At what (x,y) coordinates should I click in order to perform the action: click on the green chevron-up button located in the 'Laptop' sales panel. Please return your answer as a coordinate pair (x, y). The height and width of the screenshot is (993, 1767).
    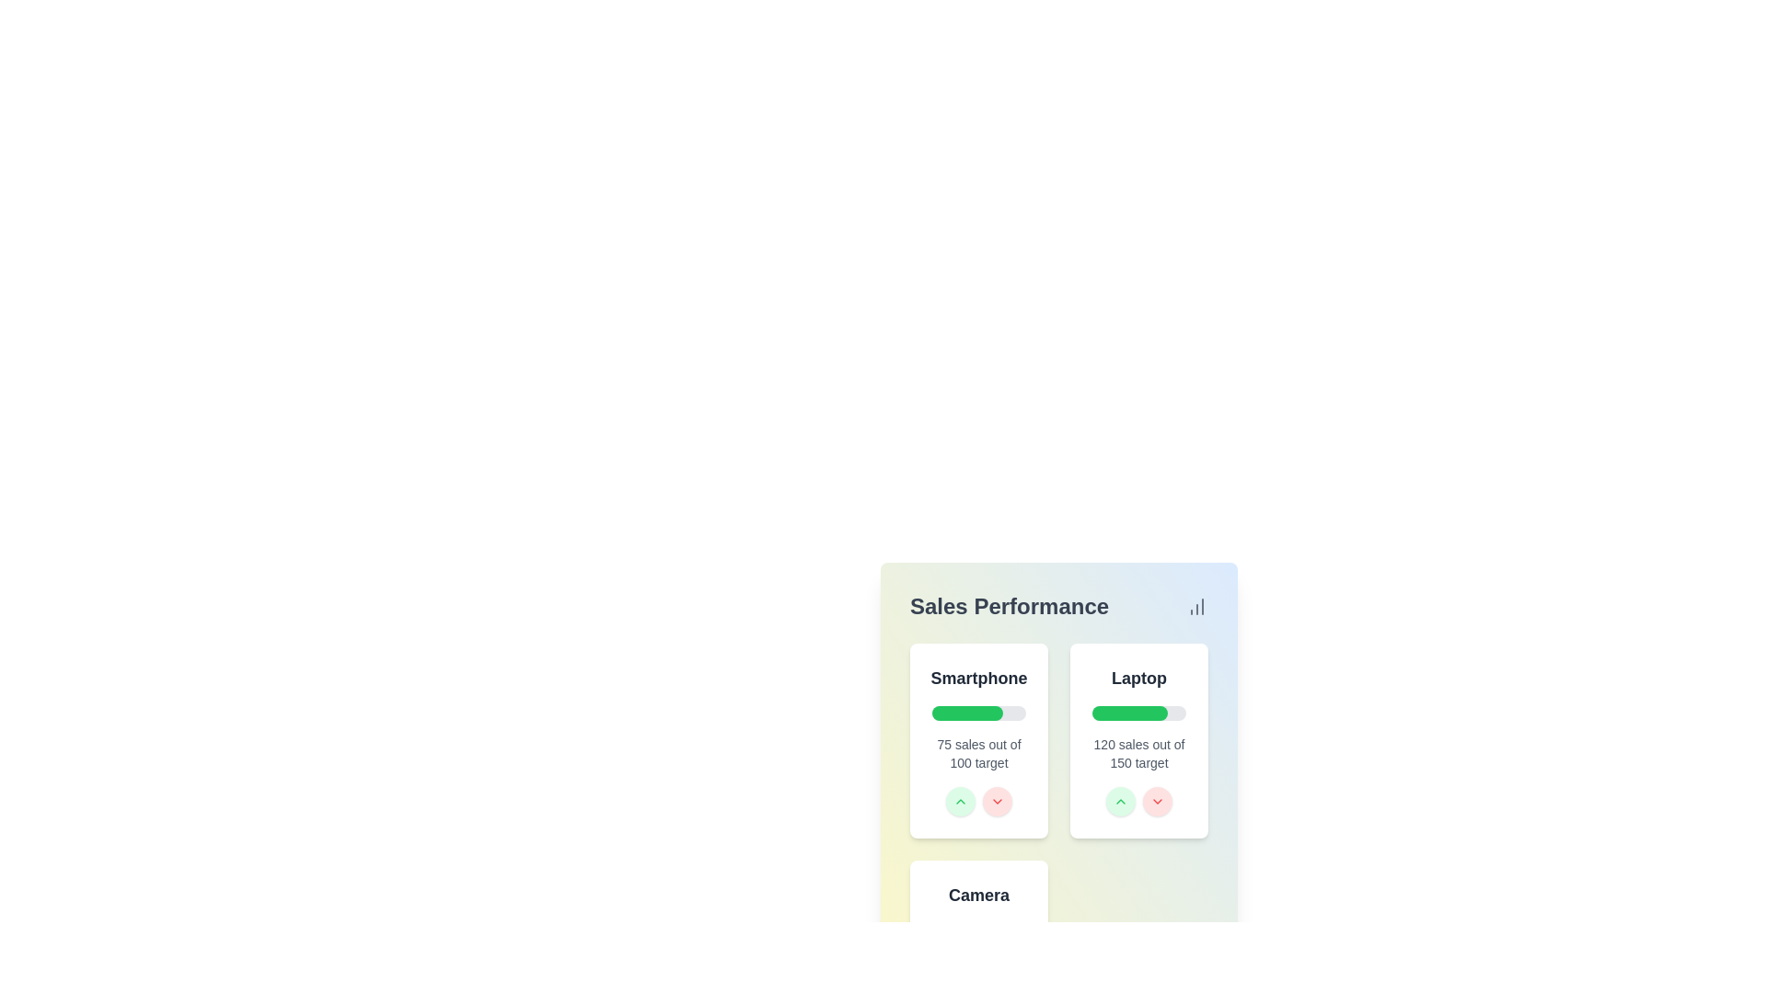
    Looking at the image, I should click on (1120, 800).